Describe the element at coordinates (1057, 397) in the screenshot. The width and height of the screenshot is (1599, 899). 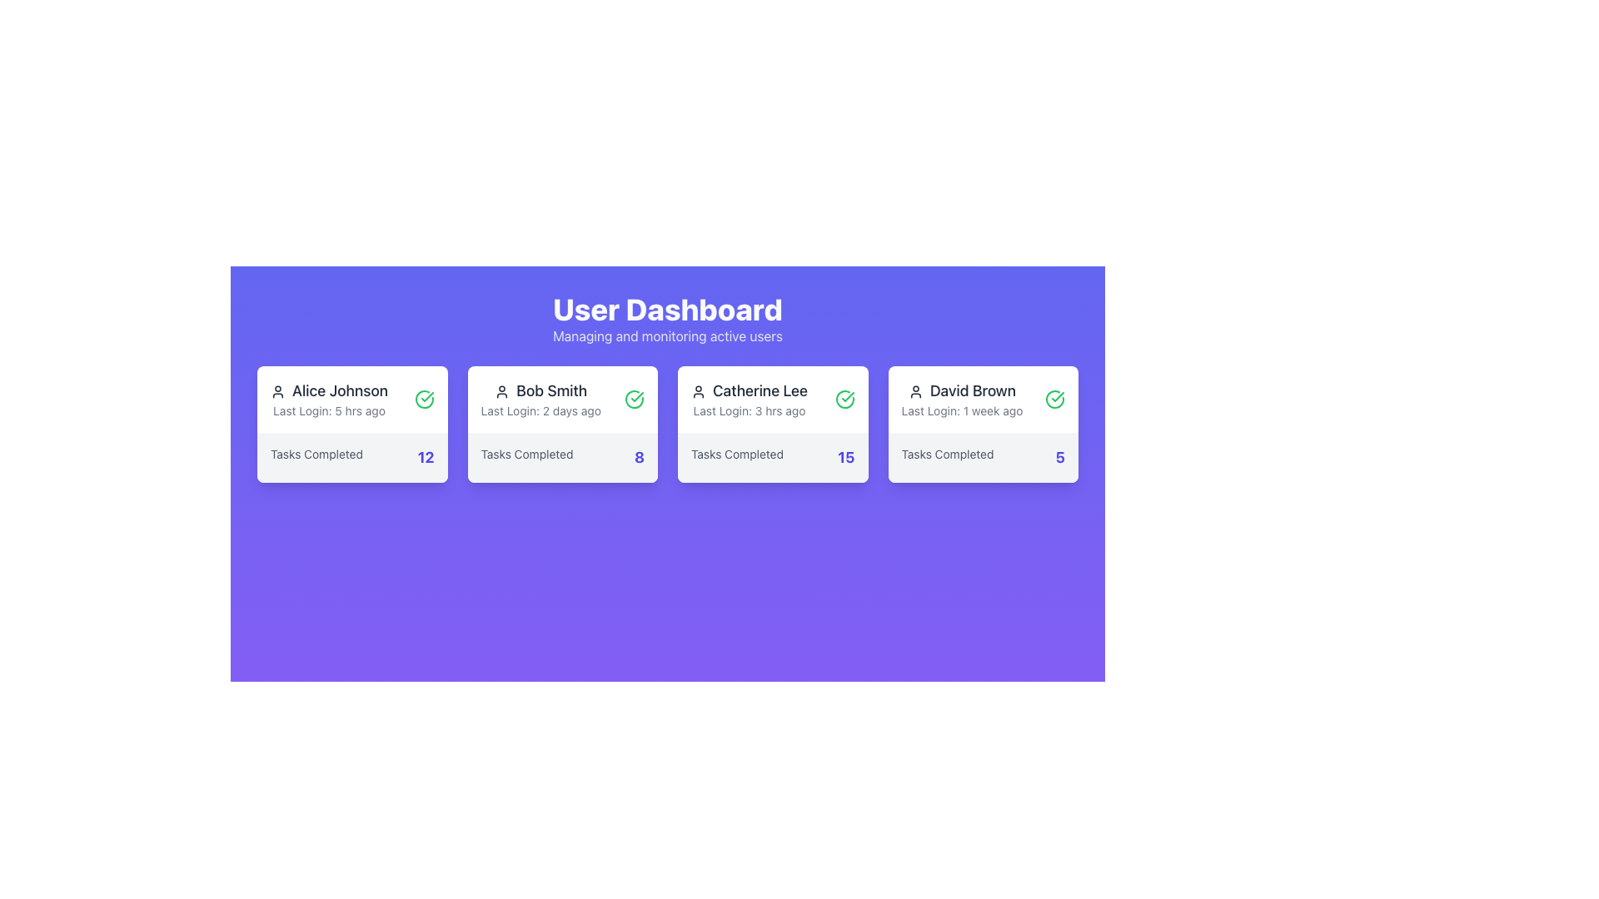
I see `the green checkmark icon located to the right of the user card for 'Catherine Lee', which is positioned in the top-right corner of the card` at that location.